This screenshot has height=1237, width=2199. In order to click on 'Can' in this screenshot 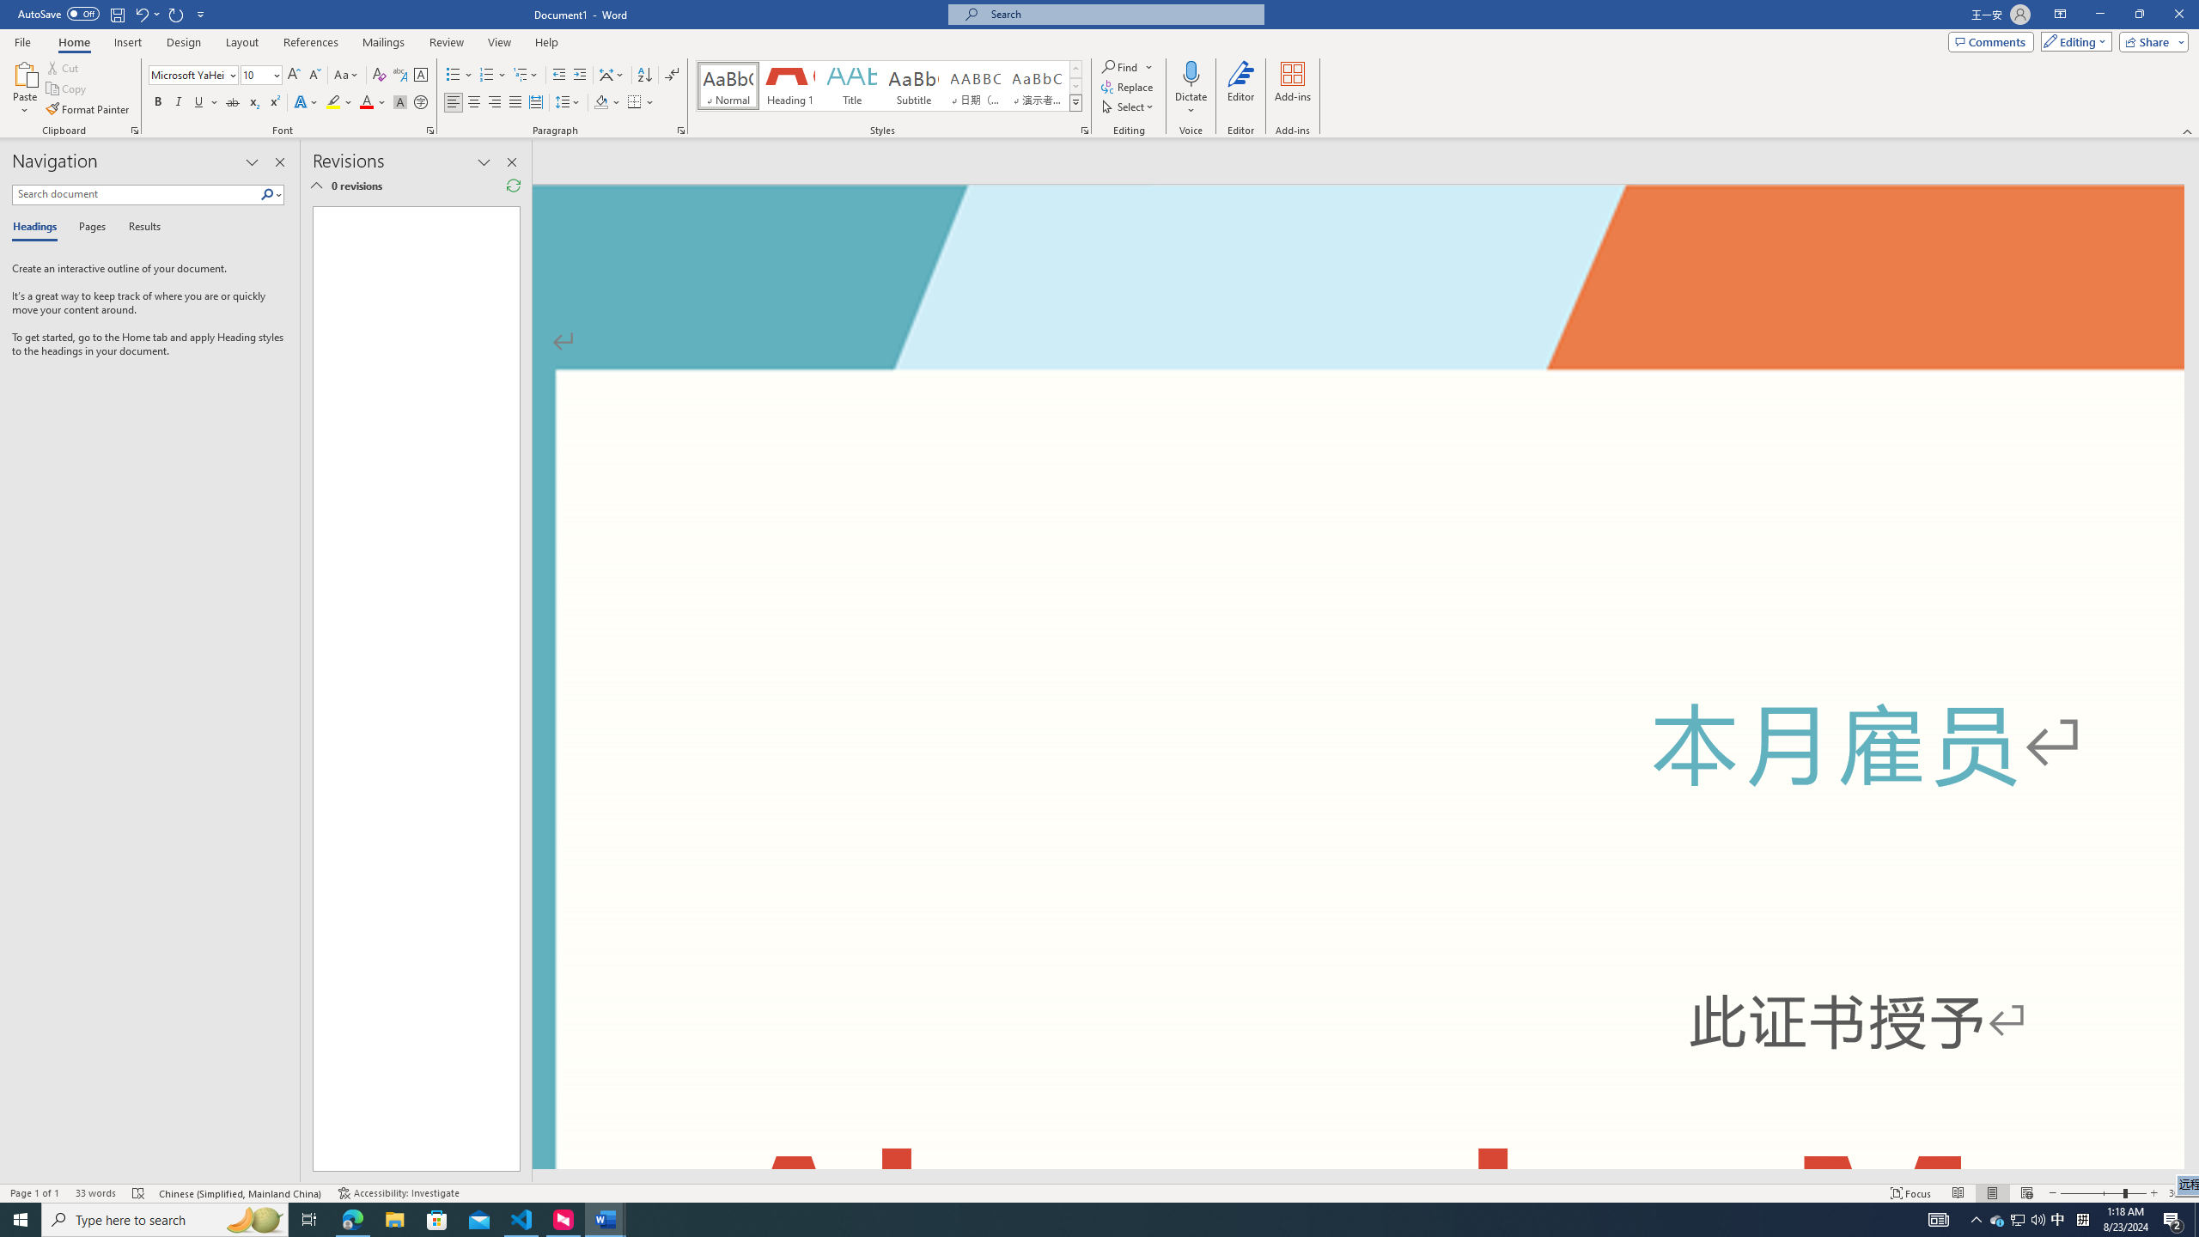, I will do `click(176, 13)`.